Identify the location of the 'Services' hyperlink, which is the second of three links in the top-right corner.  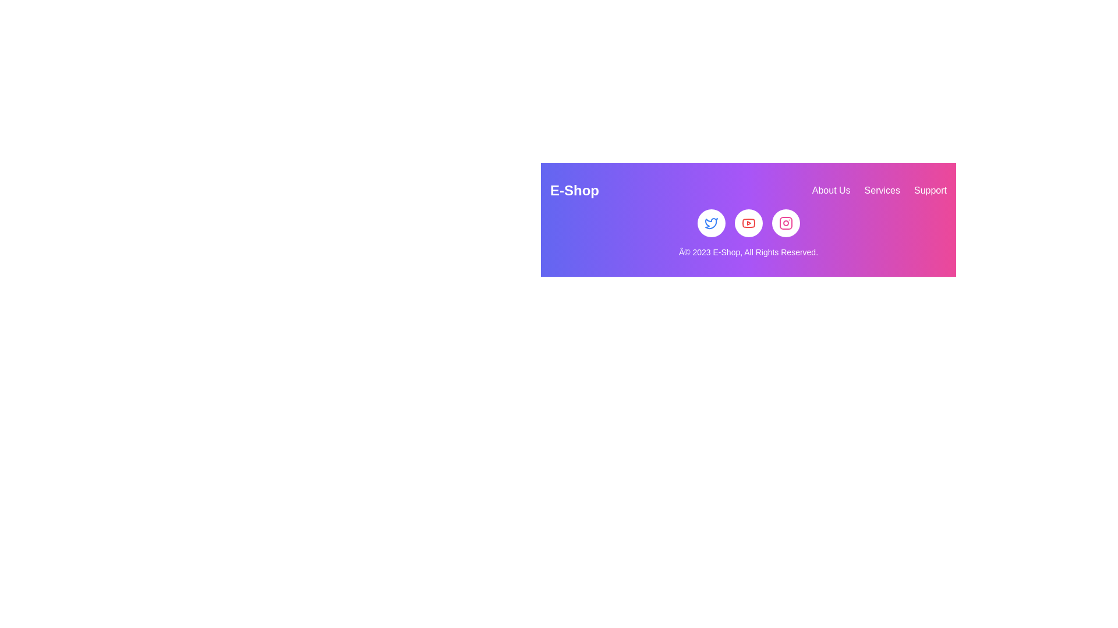
(882, 190).